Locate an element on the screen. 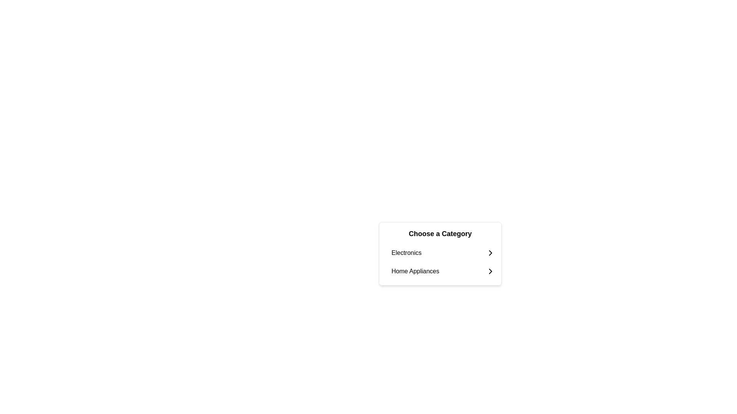 This screenshot has width=737, height=414. the second navigation item in the list is located at coordinates (443, 271).